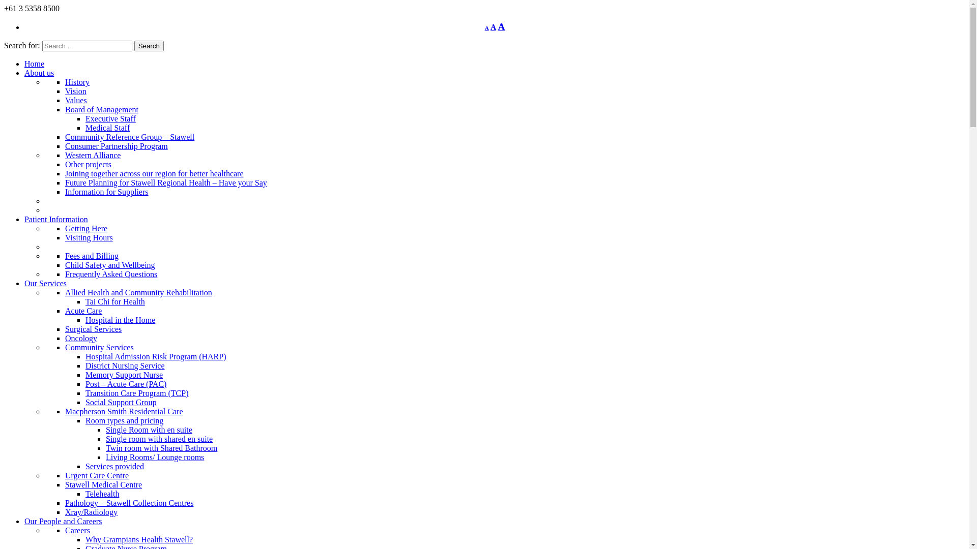  What do you see at coordinates (493, 26) in the screenshot?
I see `'A'` at bounding box center [493, 26].